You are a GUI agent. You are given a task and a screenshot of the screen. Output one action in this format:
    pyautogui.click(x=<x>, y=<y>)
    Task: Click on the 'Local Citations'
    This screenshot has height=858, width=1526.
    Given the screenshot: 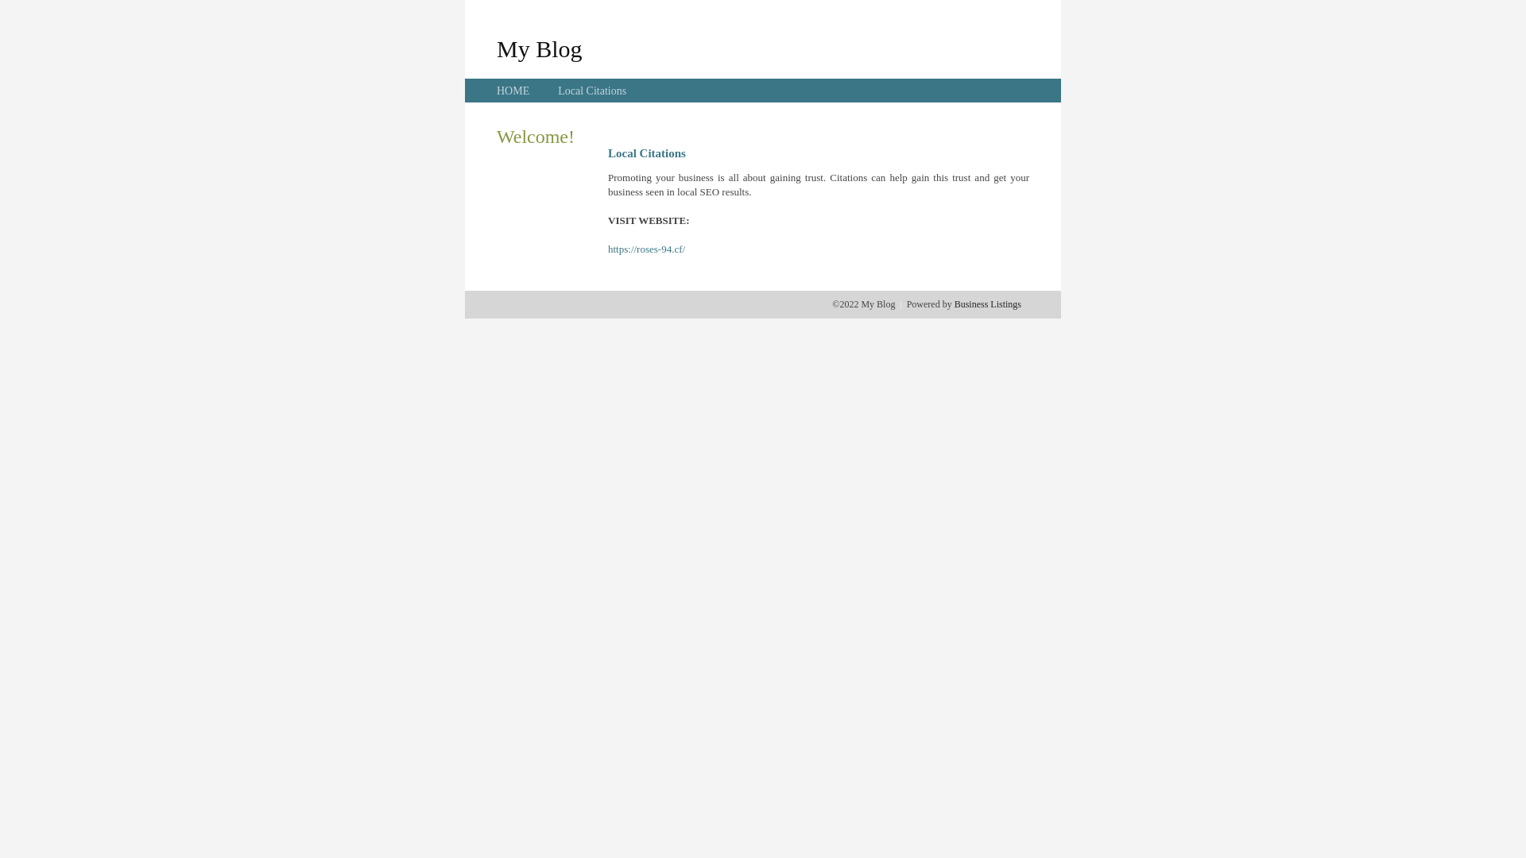 What is the action you would take?
    pyautogui.click(x=557, y=91)
    